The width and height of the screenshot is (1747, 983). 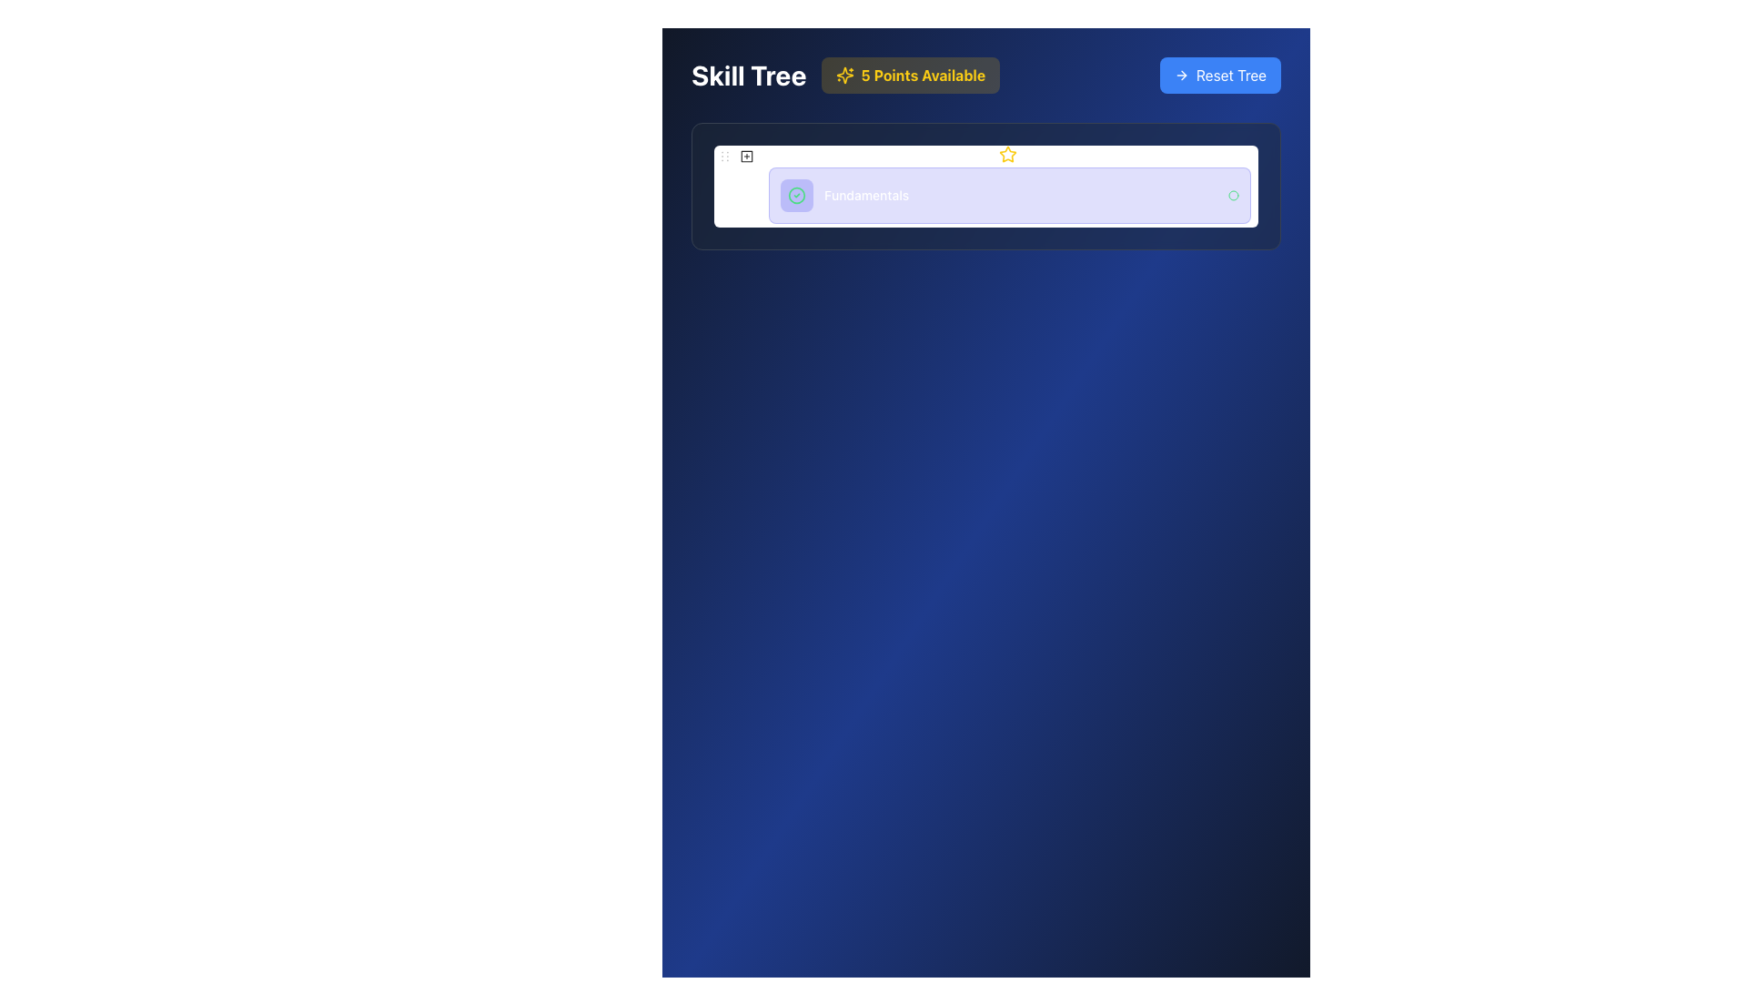 I want to click on to select the first item in the skill tree, which is displayed as part of a vertically oriented column in the UI, so click(x=985, y=185).